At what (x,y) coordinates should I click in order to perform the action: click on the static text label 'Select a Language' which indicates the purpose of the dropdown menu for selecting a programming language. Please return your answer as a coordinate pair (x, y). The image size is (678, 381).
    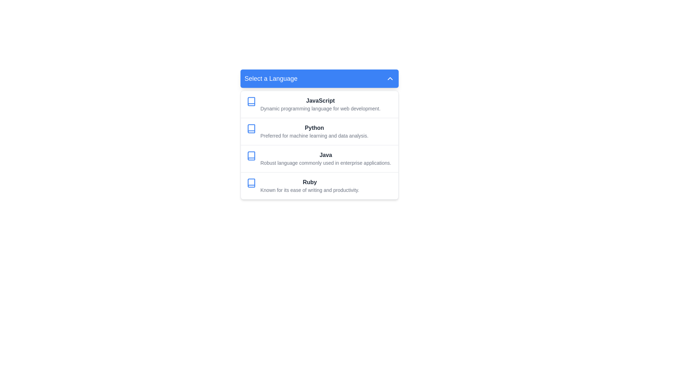
    Looking at the image, I should click on (270, 79).